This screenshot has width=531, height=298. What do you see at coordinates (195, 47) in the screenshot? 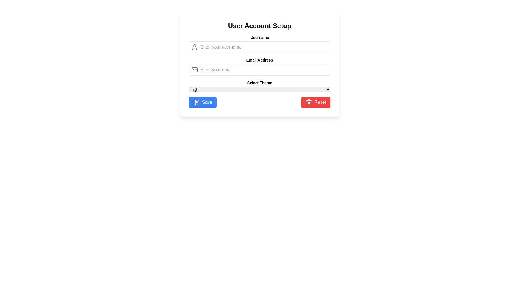
I see `the user icon, which is a circular outline representing a head over semi-circular shoulders, styled in gray with a thin stroke, located to the left of the 'Username' text input field` at bounding box center [195, 47].